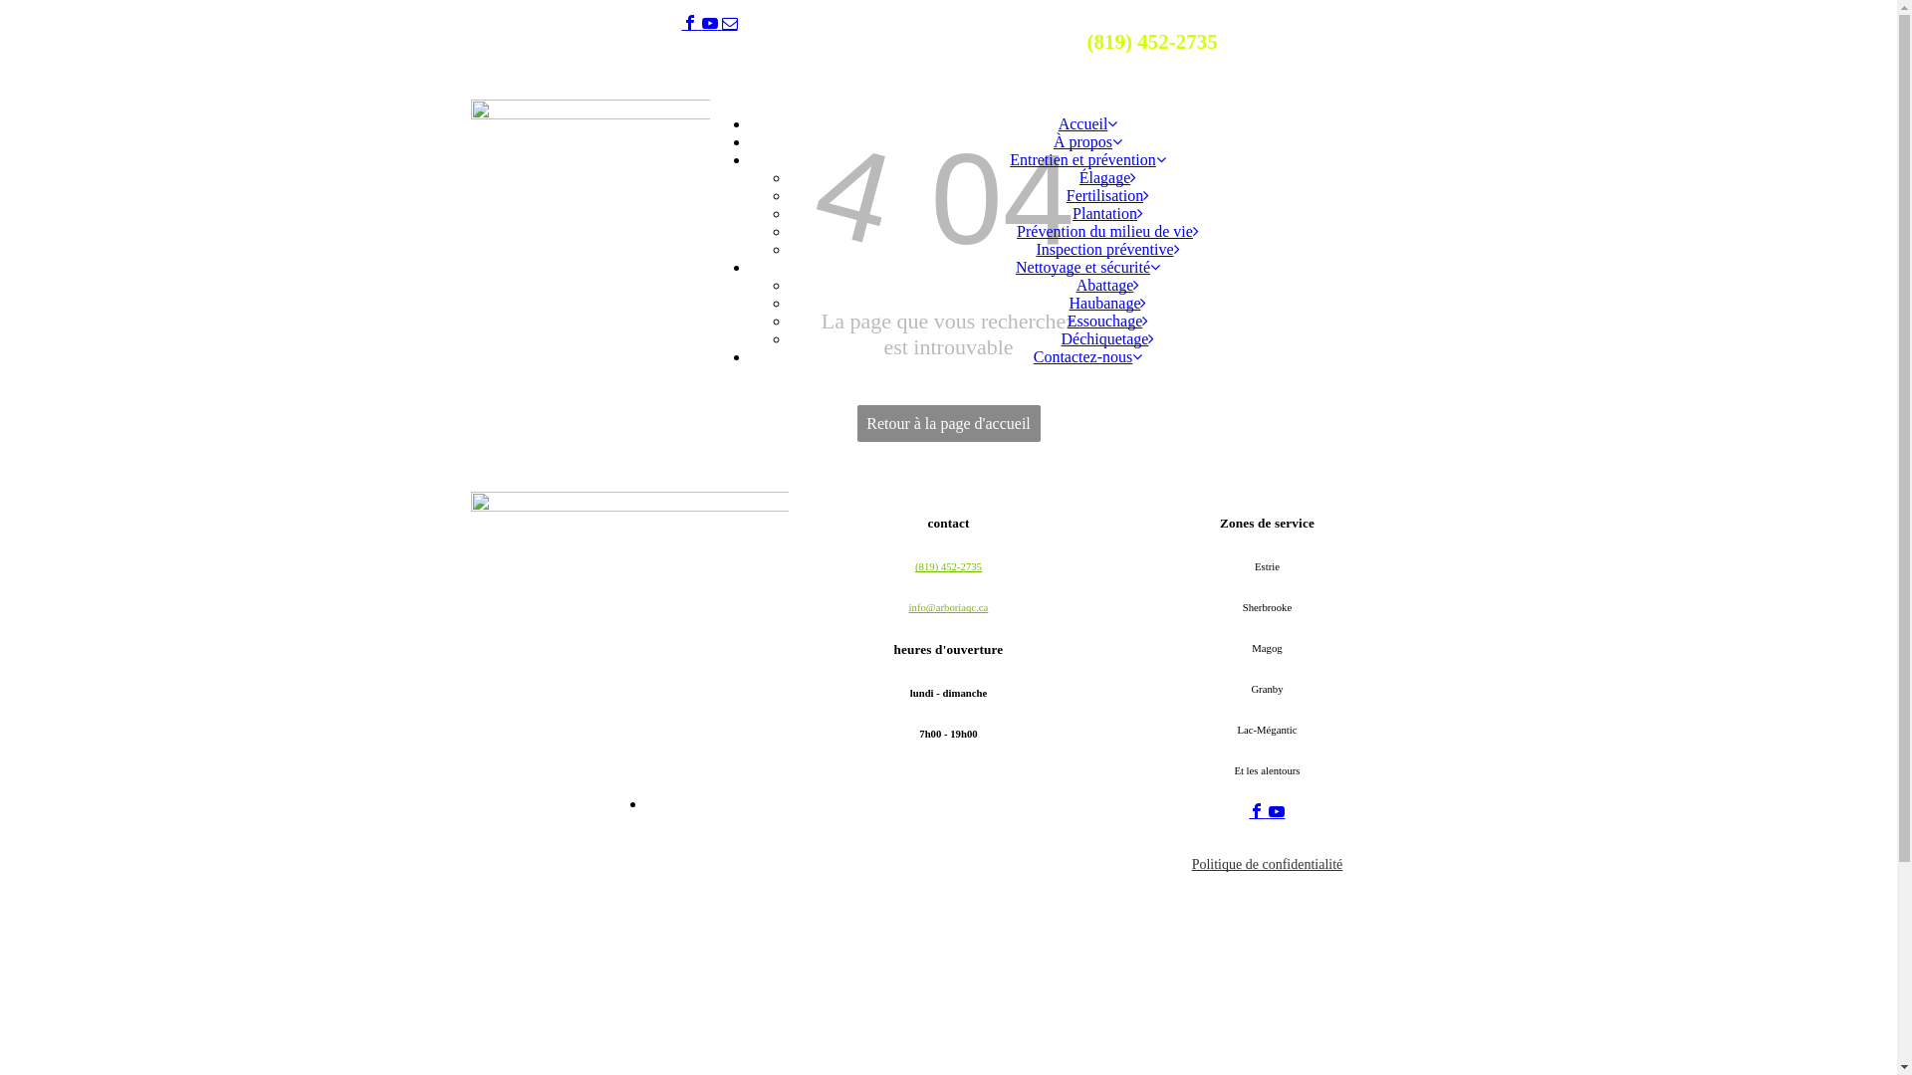 The width and height of the screenshot is (1912, 1075). Describe the element at coordinates (1087, 123) in the screenshot. I see `'Accueil'` at that location.